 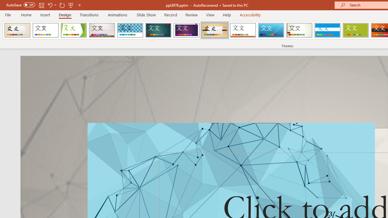 I want to click on 'Quick Access Toolbar', so click(x=44, y=5).